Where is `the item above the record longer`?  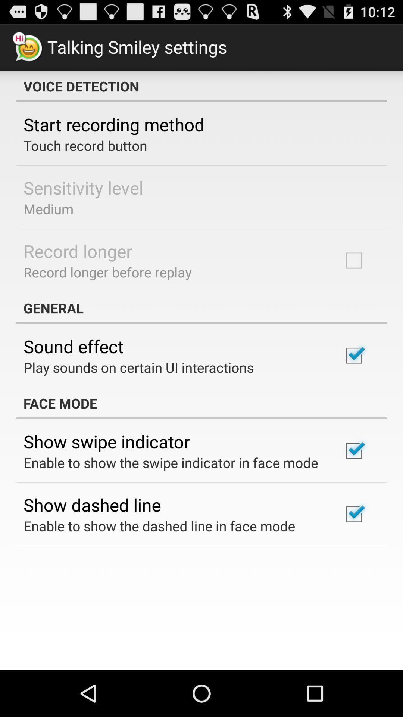
the item above the record longer is located at coordinates (49, 209).